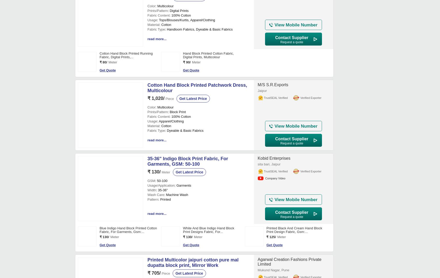  Describe the element at coordinates (165, 183) in the screenshot. I see `':  Cotton'` at that location.